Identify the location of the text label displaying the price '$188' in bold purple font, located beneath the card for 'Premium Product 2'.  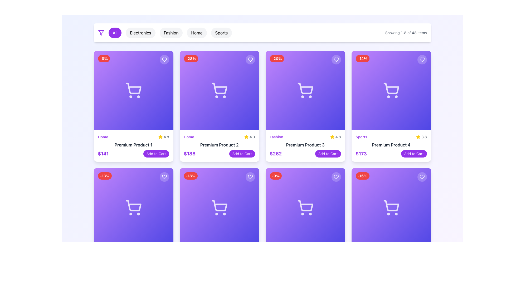
(189, 154).